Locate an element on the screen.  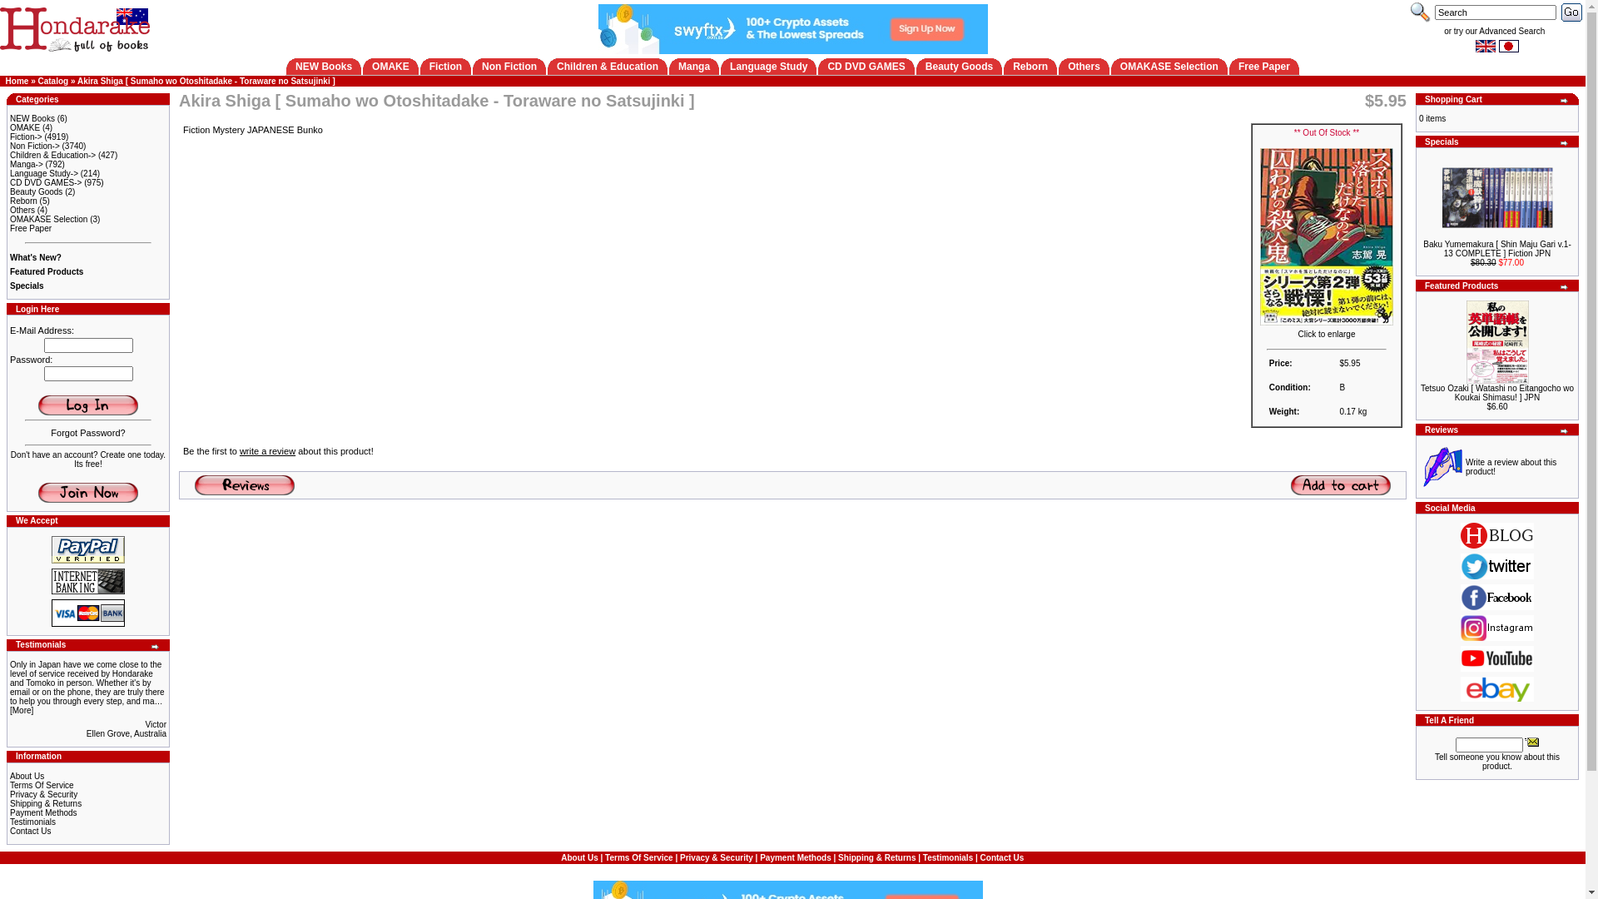
' Japanese ' is located at coordinates (1498, 45).